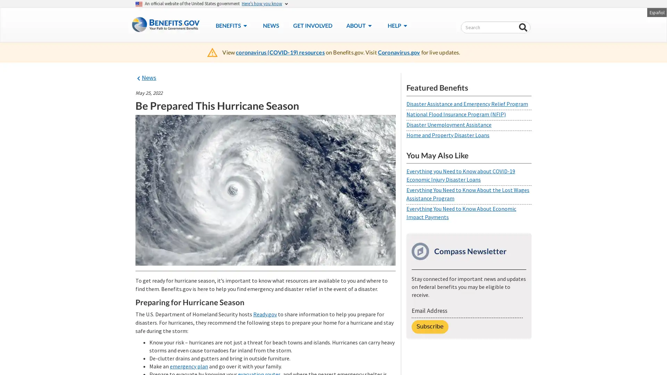 This screenshot has width=667, height=375. I want to click on NEWS, so click(270, 25).